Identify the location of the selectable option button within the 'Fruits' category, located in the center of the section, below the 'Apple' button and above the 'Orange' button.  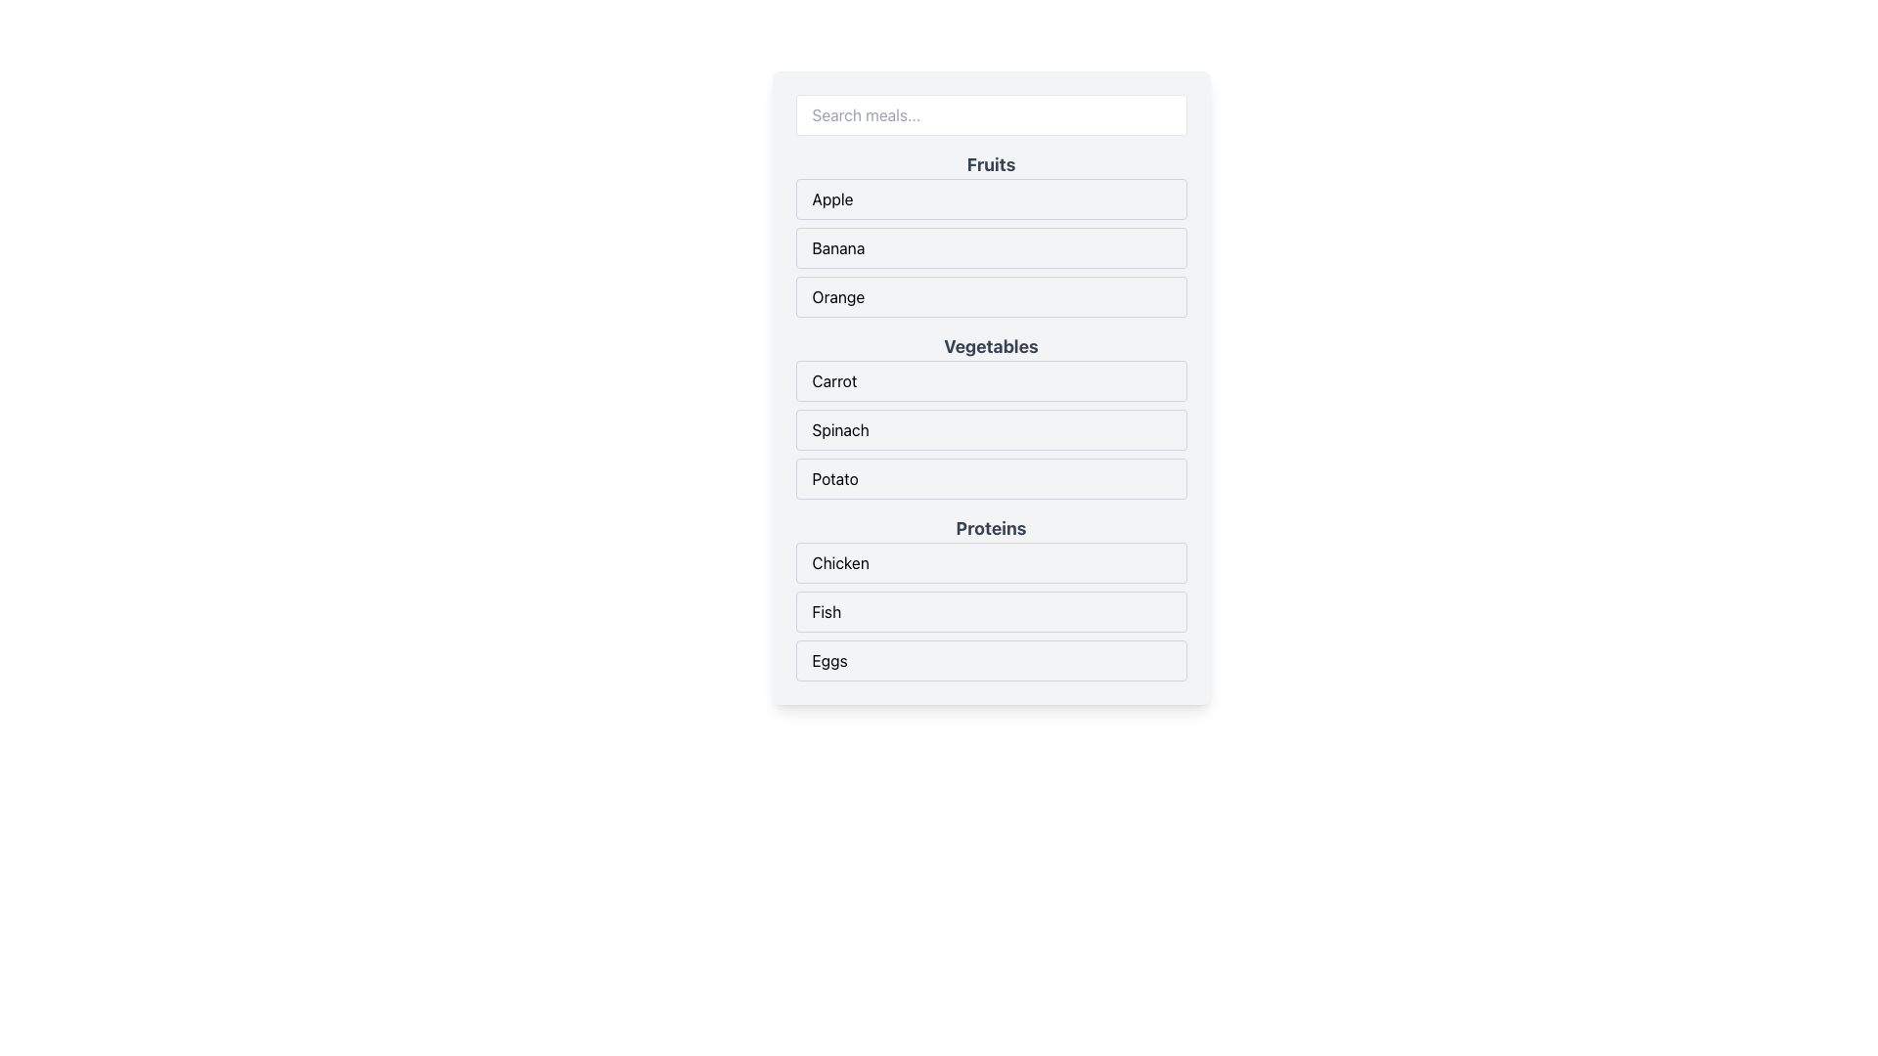
(991, 247).